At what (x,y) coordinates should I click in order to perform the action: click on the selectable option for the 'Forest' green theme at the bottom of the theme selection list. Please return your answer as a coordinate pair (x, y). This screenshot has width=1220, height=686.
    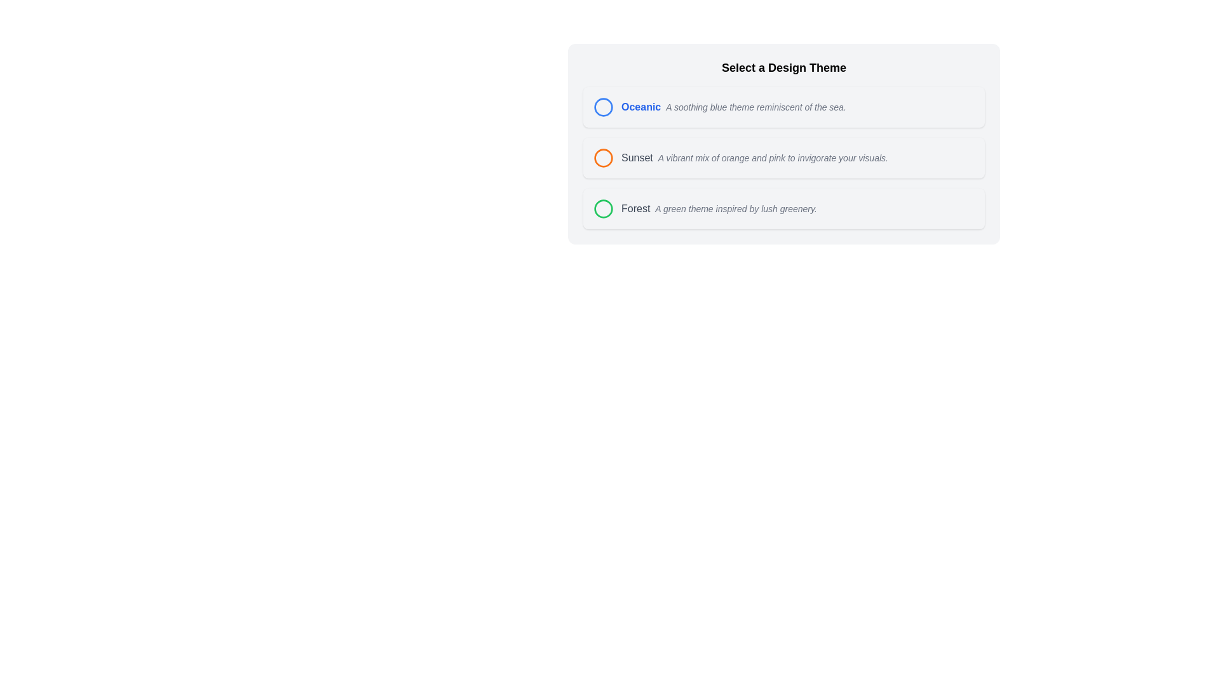
    Looking at the image, I should click on (704, 208).